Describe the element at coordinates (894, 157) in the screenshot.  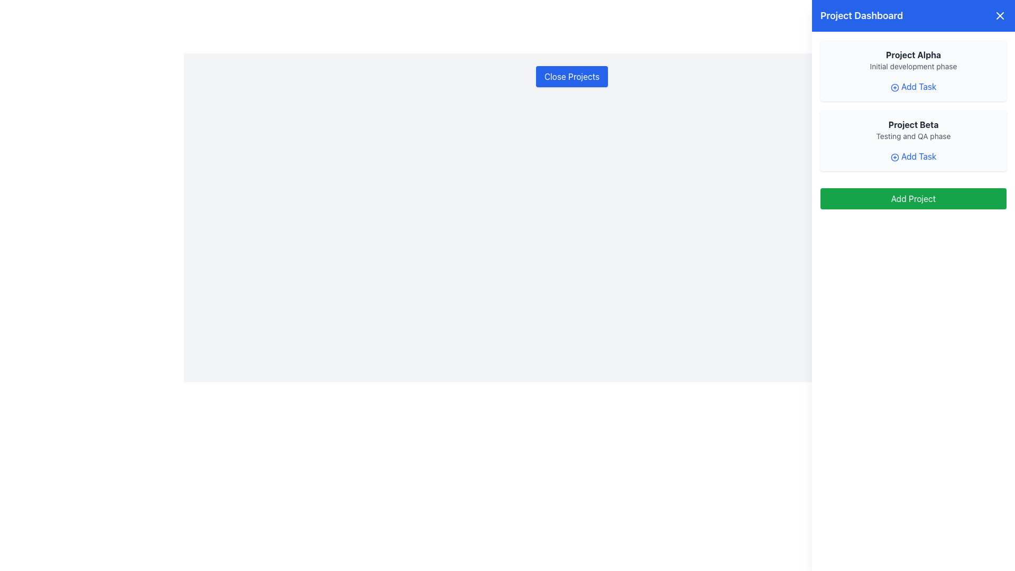
I see `the SVG circle icon located to the left of the 'Add Task' label in the 'Project Beta' section of the sidebar` at that location.